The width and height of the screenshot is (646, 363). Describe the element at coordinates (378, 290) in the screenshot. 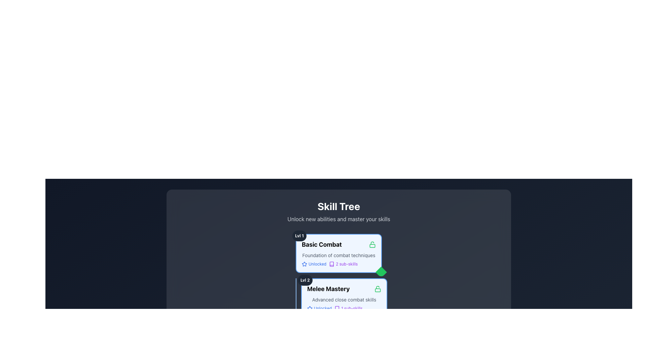

I see `the decorative shape within the lock icon that indicates the skill status in the skill tree UI near the 'Basic Combat' and 'Melee Mastery' sections` at that location.